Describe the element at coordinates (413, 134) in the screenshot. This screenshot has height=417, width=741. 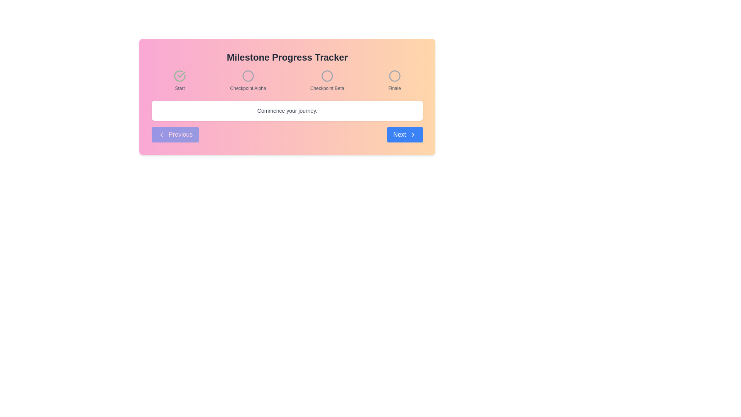
I see `the small right-facing arrow icon within the 'Next' button to activate potential hover effects` at that location.